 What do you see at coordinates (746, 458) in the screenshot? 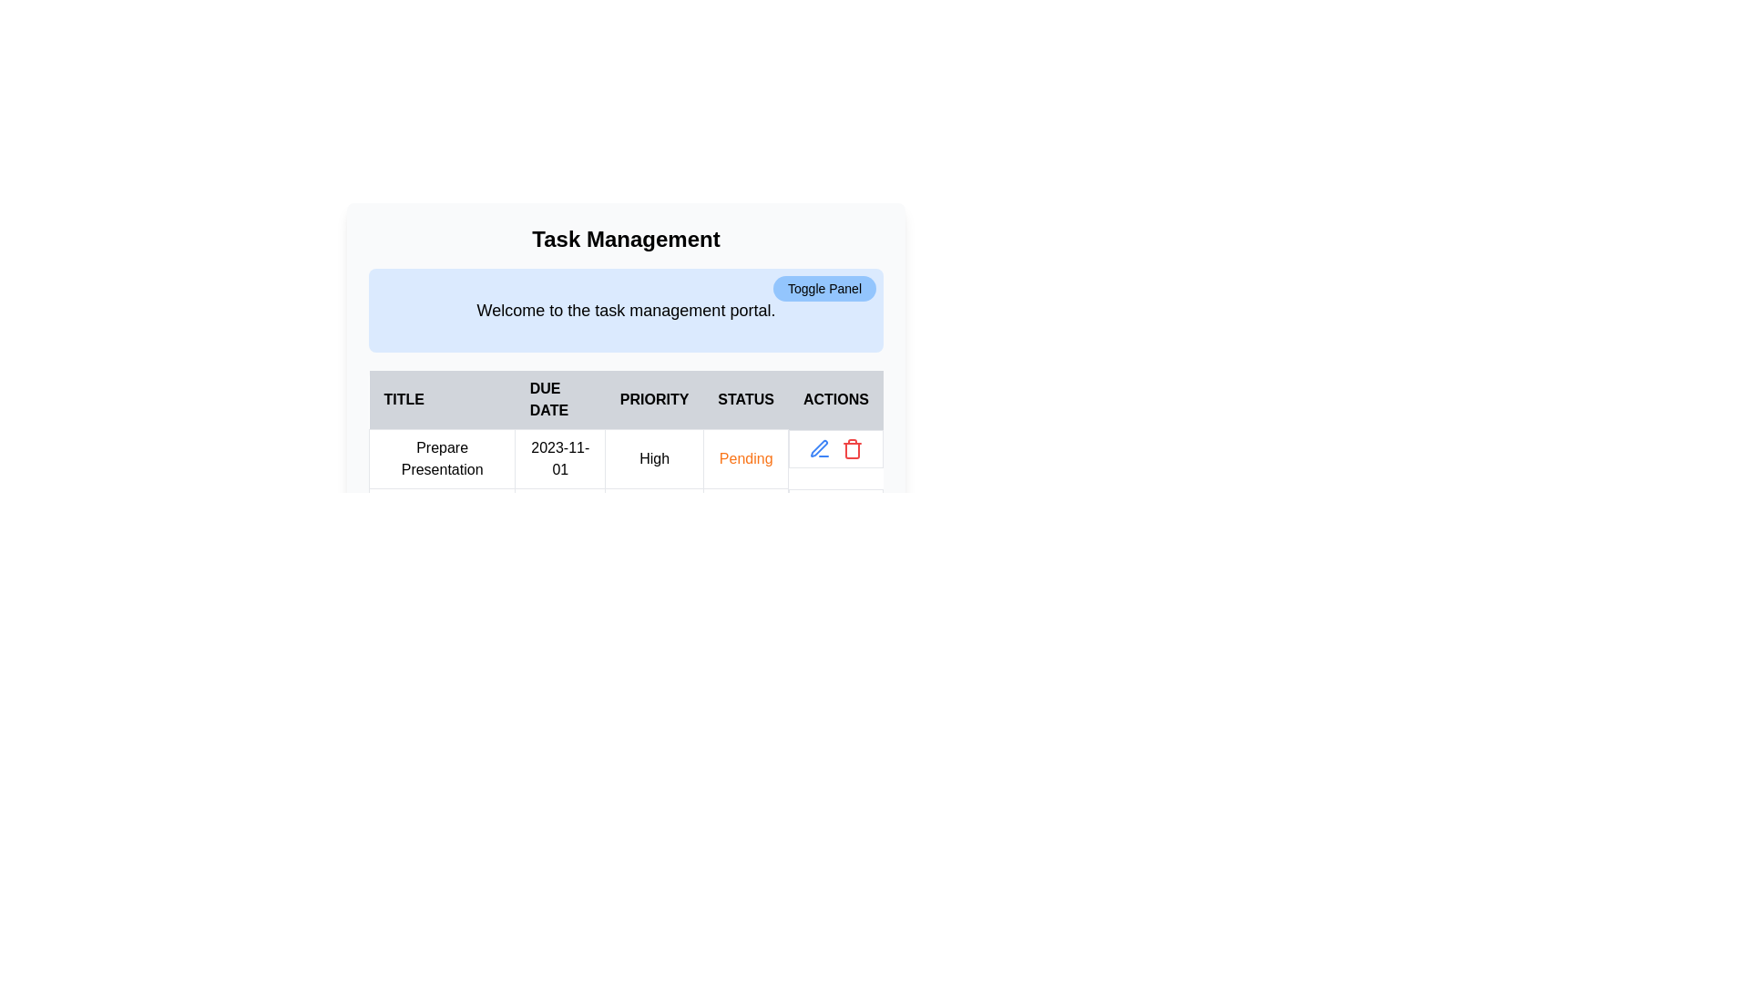
I see `the text label element displaying the orange word 'Pending' in the 'STATUS' column of the task table, specifically the fourth cell associated with the 'Prepare Presentation' task` at bounding box center [746, 458].